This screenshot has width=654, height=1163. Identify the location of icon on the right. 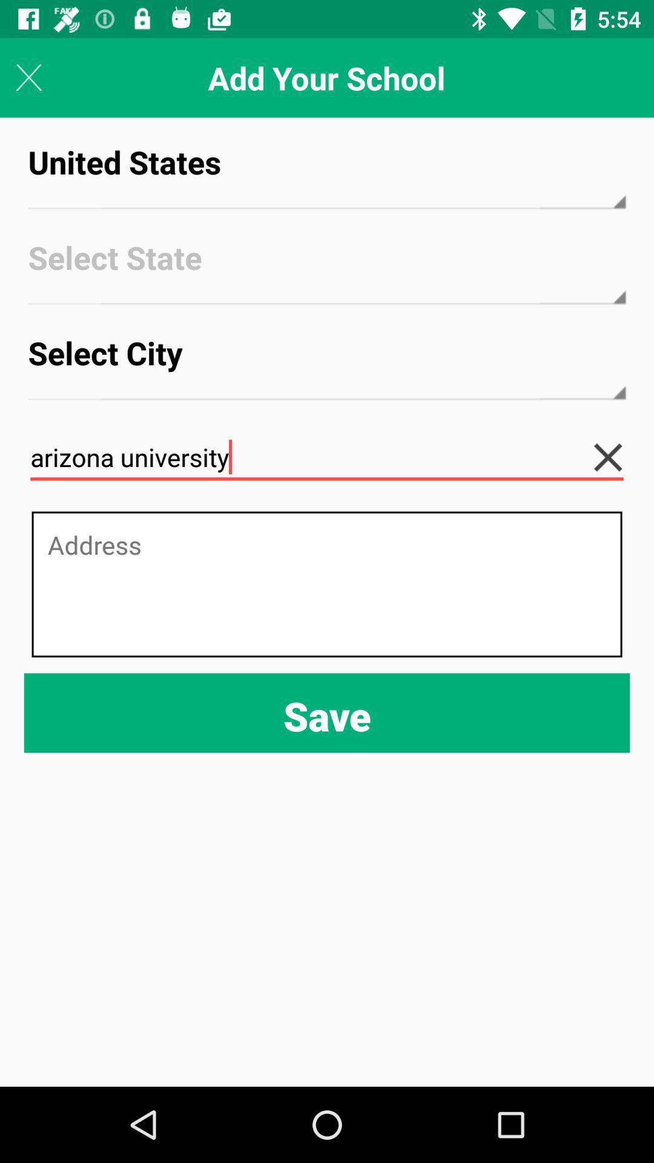
(617, 457).